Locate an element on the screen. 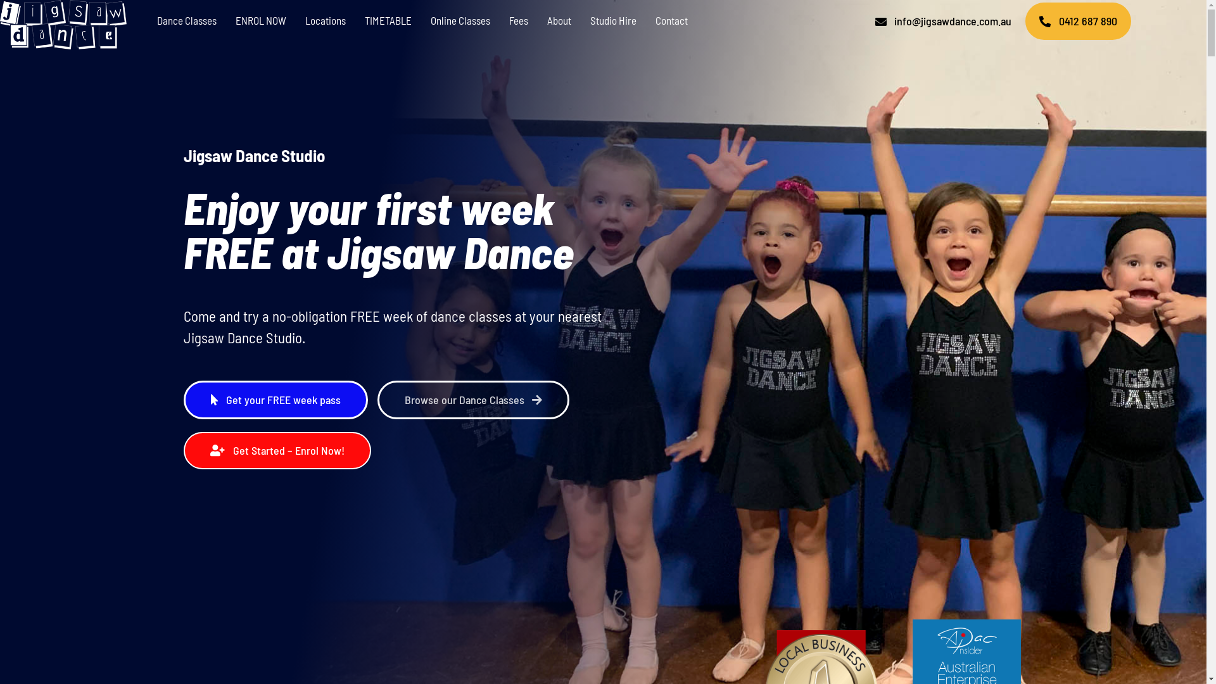  'Browse our Dance Classes' is located at coordinates (473, 400).